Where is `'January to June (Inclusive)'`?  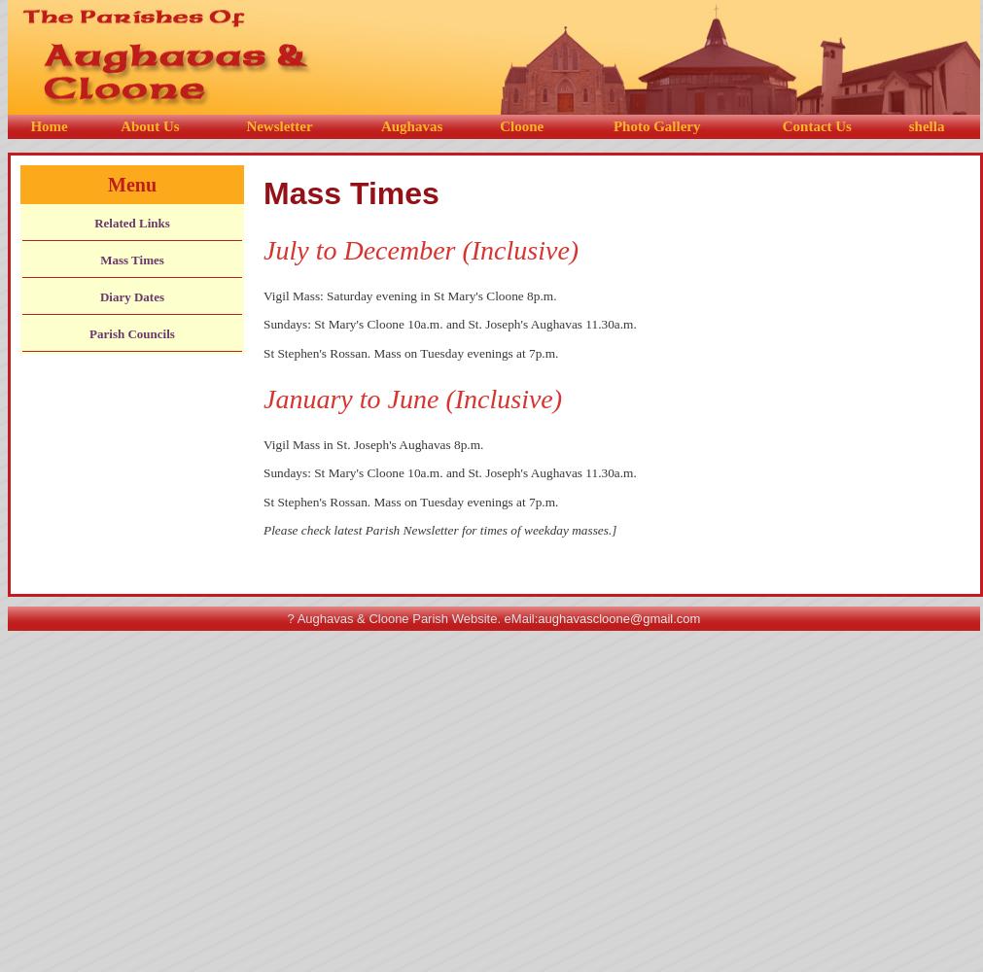
'January to June (Inclusive)' is located at coordinates (411, 398).